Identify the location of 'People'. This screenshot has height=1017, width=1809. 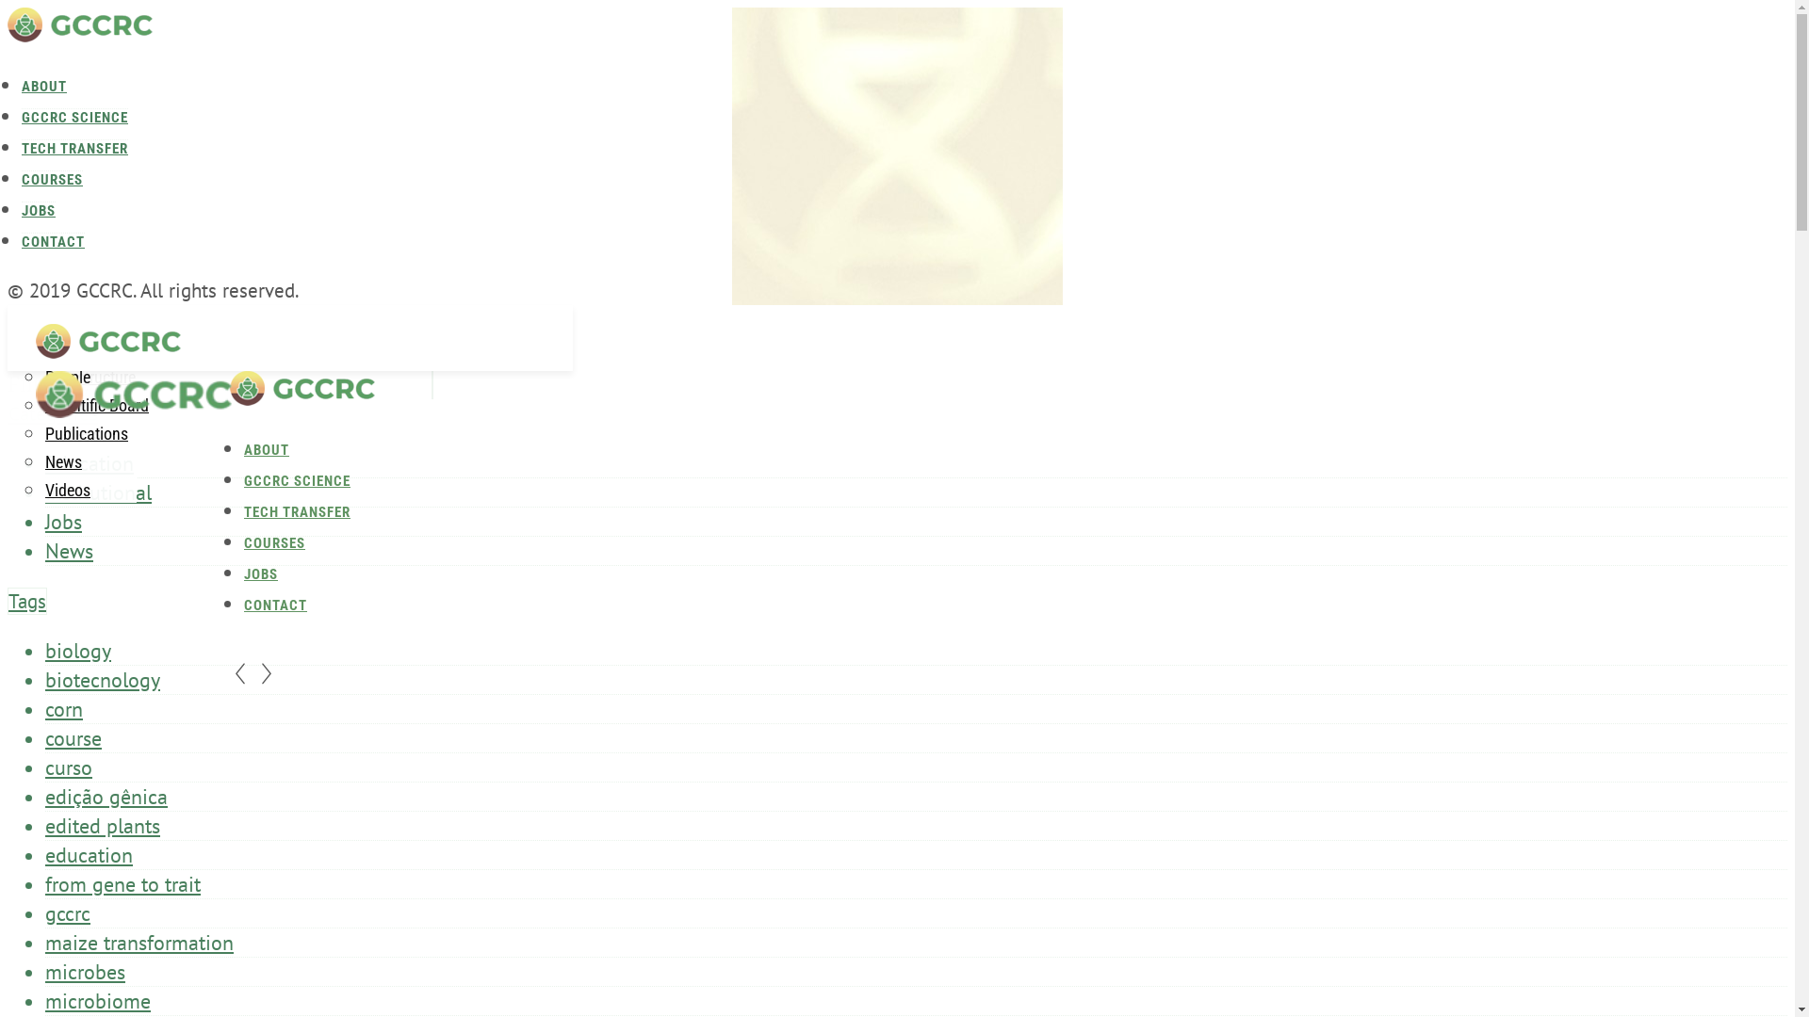
(68, 377).